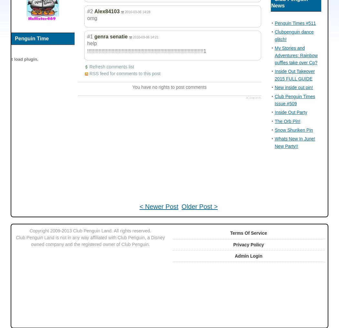 The height and width of the screenshot is (328, 339). I want to click on '2010-03-06 14:21', so click(132, 37).